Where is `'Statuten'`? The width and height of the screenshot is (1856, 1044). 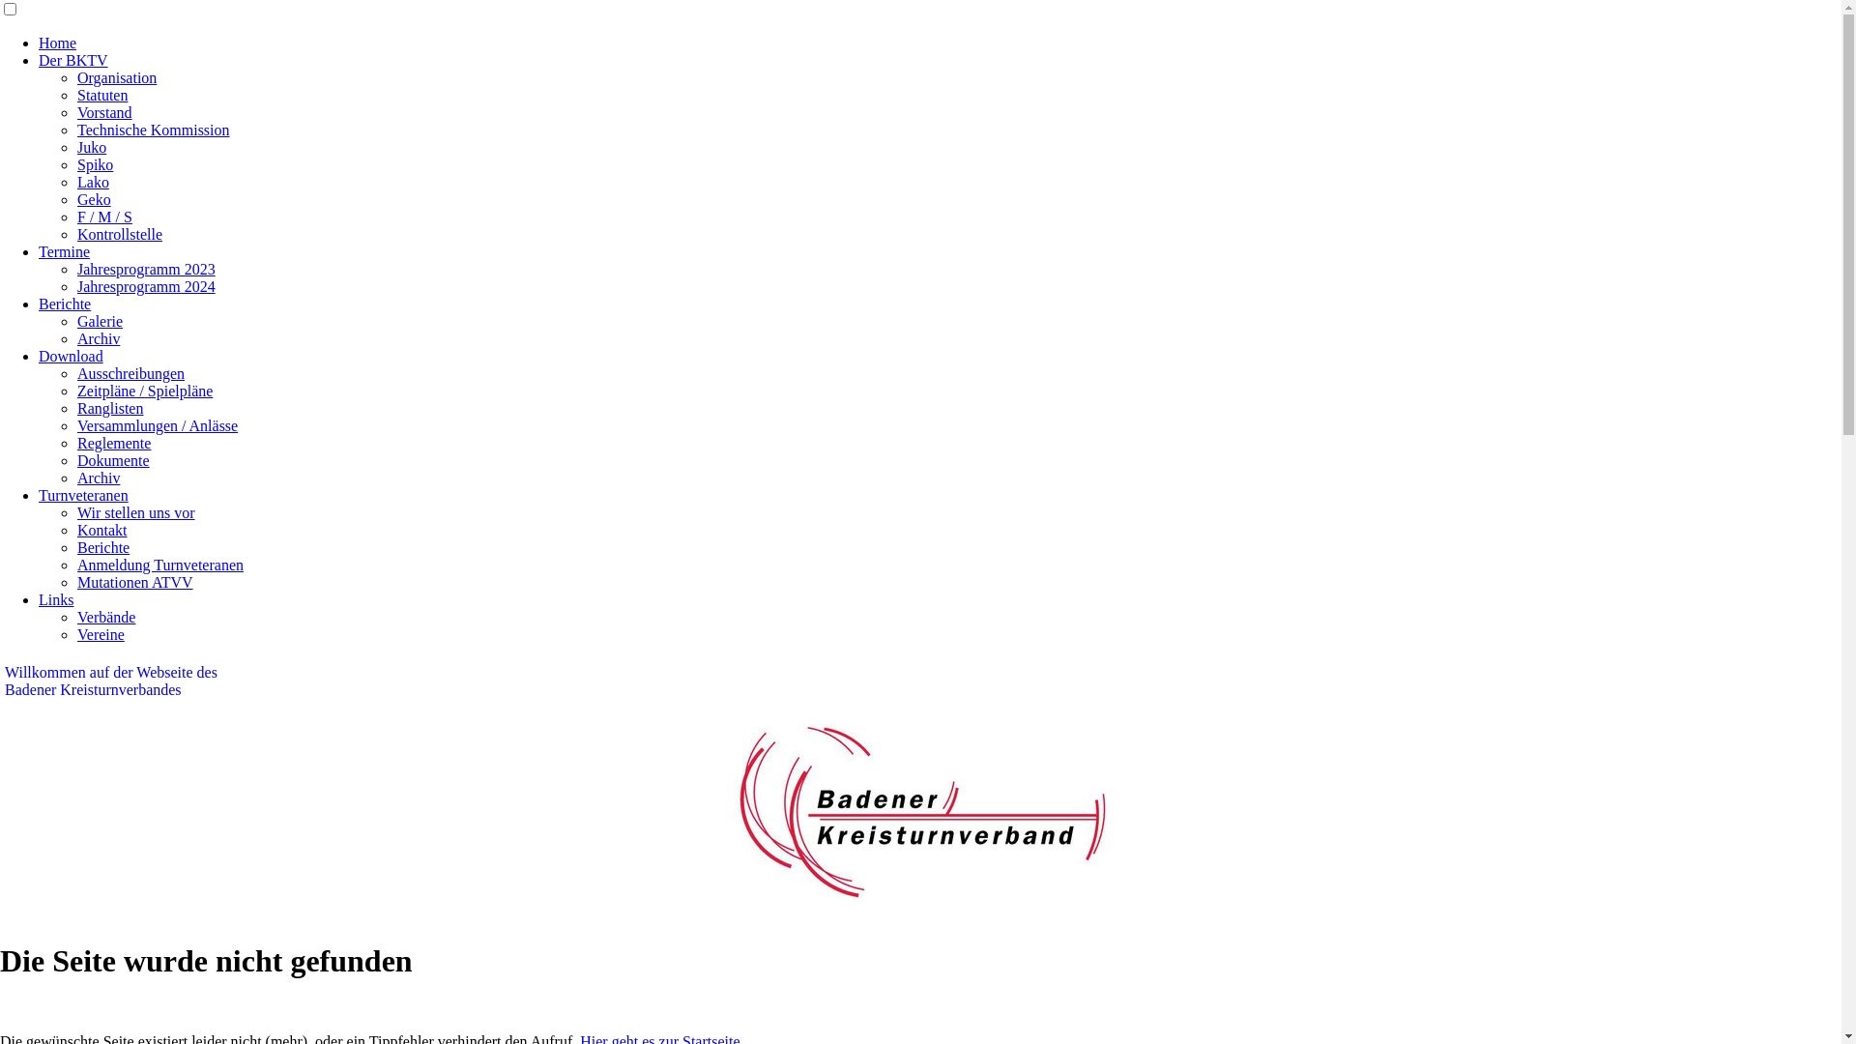 'Statuten' is located at coordinates (101, 95).